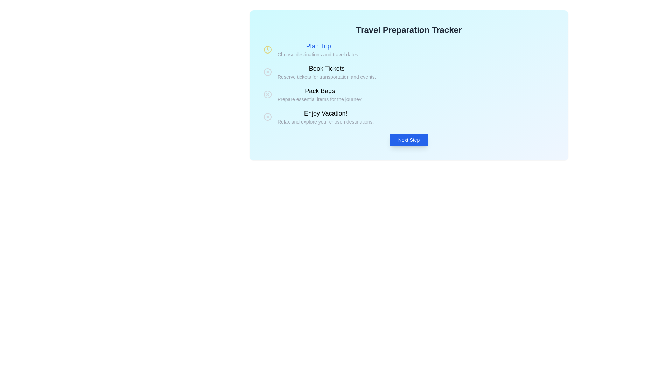 The width and height of the screenshot is (672, 378). Describe the element at coordinates (409, 117) in the screenshot. I see `the Informational block that displays 'Enjoy Vacation!' and 'Relax and explore your chosen destinations.' with a light blue background, positioned below 'Pack Bags' and above the 'Next Step' button` at that location.